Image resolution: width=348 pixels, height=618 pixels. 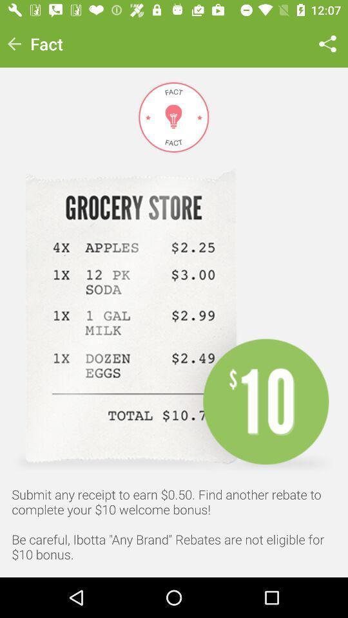 I want to click on item to the right of the fact, so click(x=327, y=44).